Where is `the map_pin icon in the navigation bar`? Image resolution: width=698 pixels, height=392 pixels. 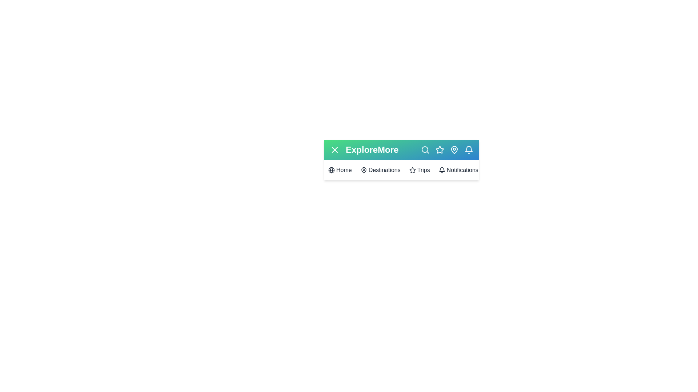 the map_pin icon in the navigation bar is located at coordinates (454, 149).